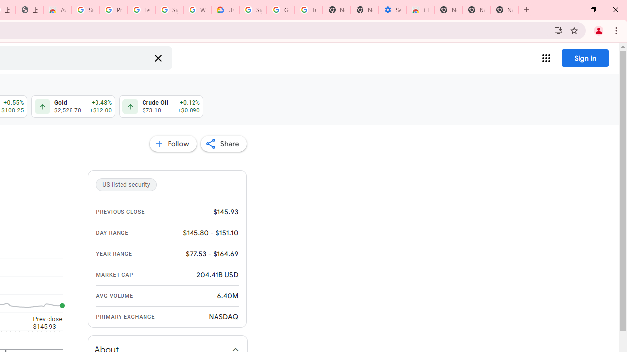 The image size is (627, 352). What do you see at coordinates (392, 10) in the screenshot?
I see `'Settings - Accessibility'` at bounding box center [392, 10].